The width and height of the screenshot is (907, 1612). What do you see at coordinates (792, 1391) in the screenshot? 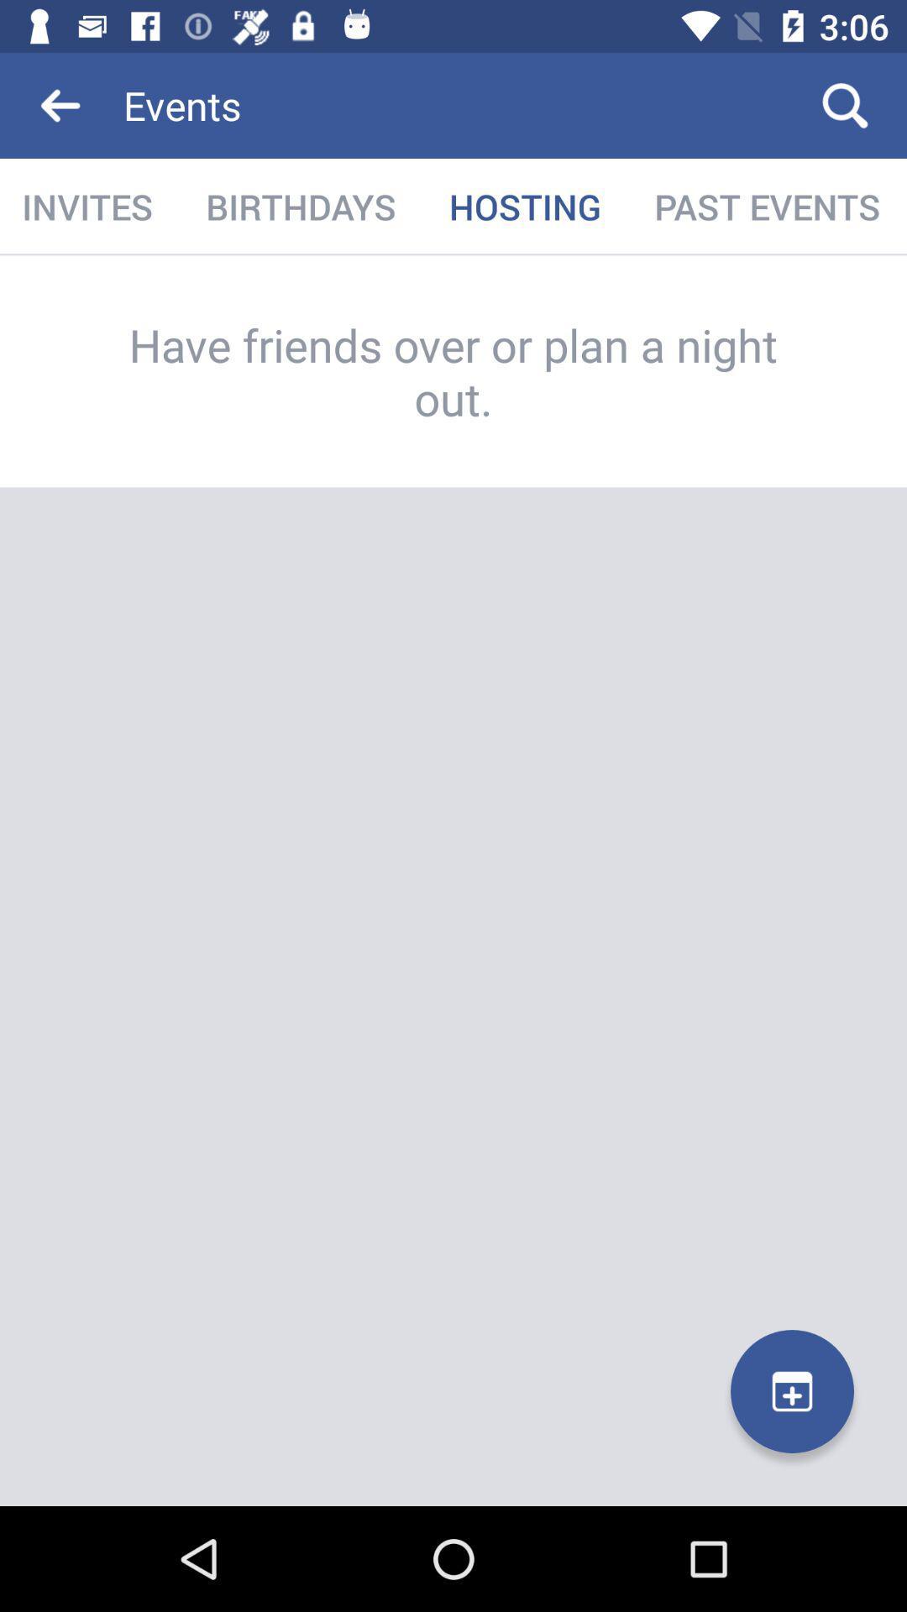
I see `the add icon` at bounding box center [792, 1391].